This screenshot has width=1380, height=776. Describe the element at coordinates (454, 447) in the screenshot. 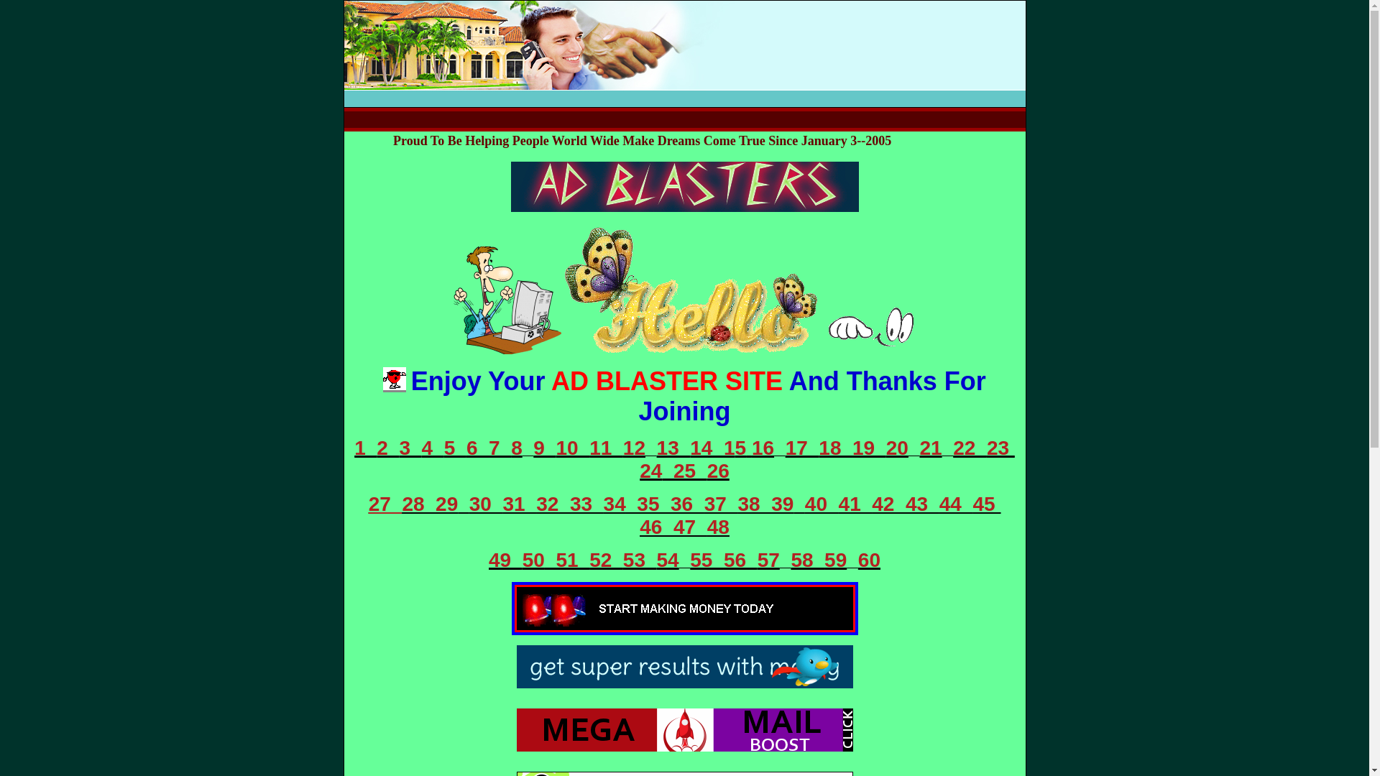

I see `'5 '` at that location.